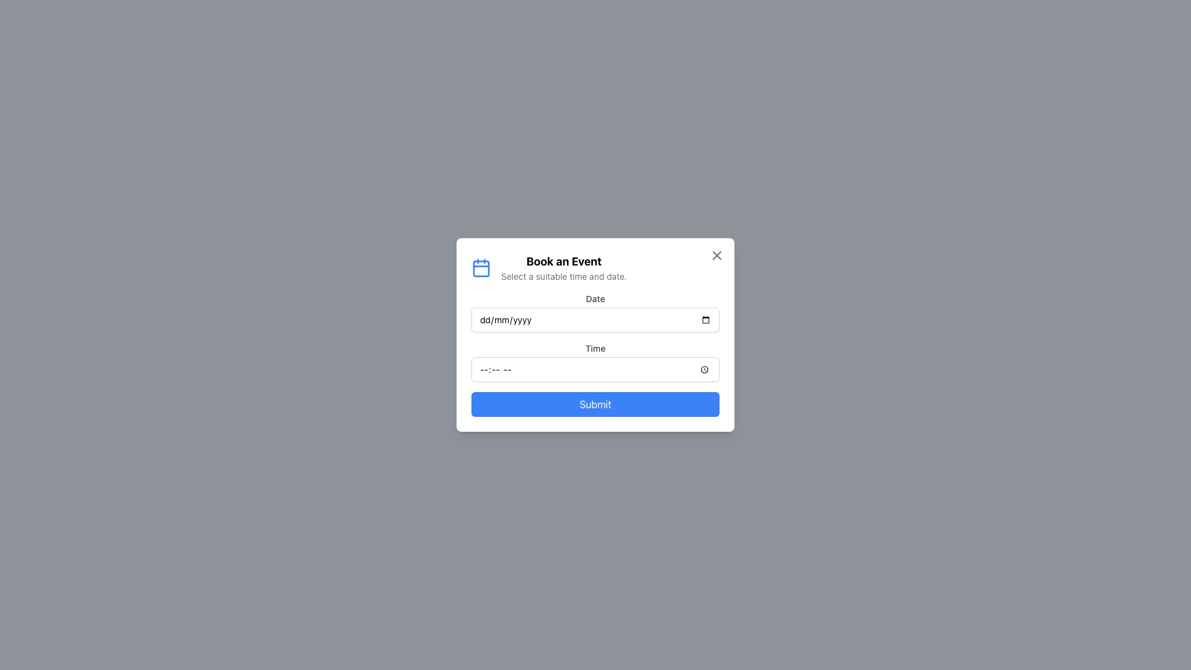  What do you see at coordinates (595, 335) in the screenshot?
I see `the date and time input fields in the modal dialog labeled 'Book an Event'` at bounding box center [595, 335].